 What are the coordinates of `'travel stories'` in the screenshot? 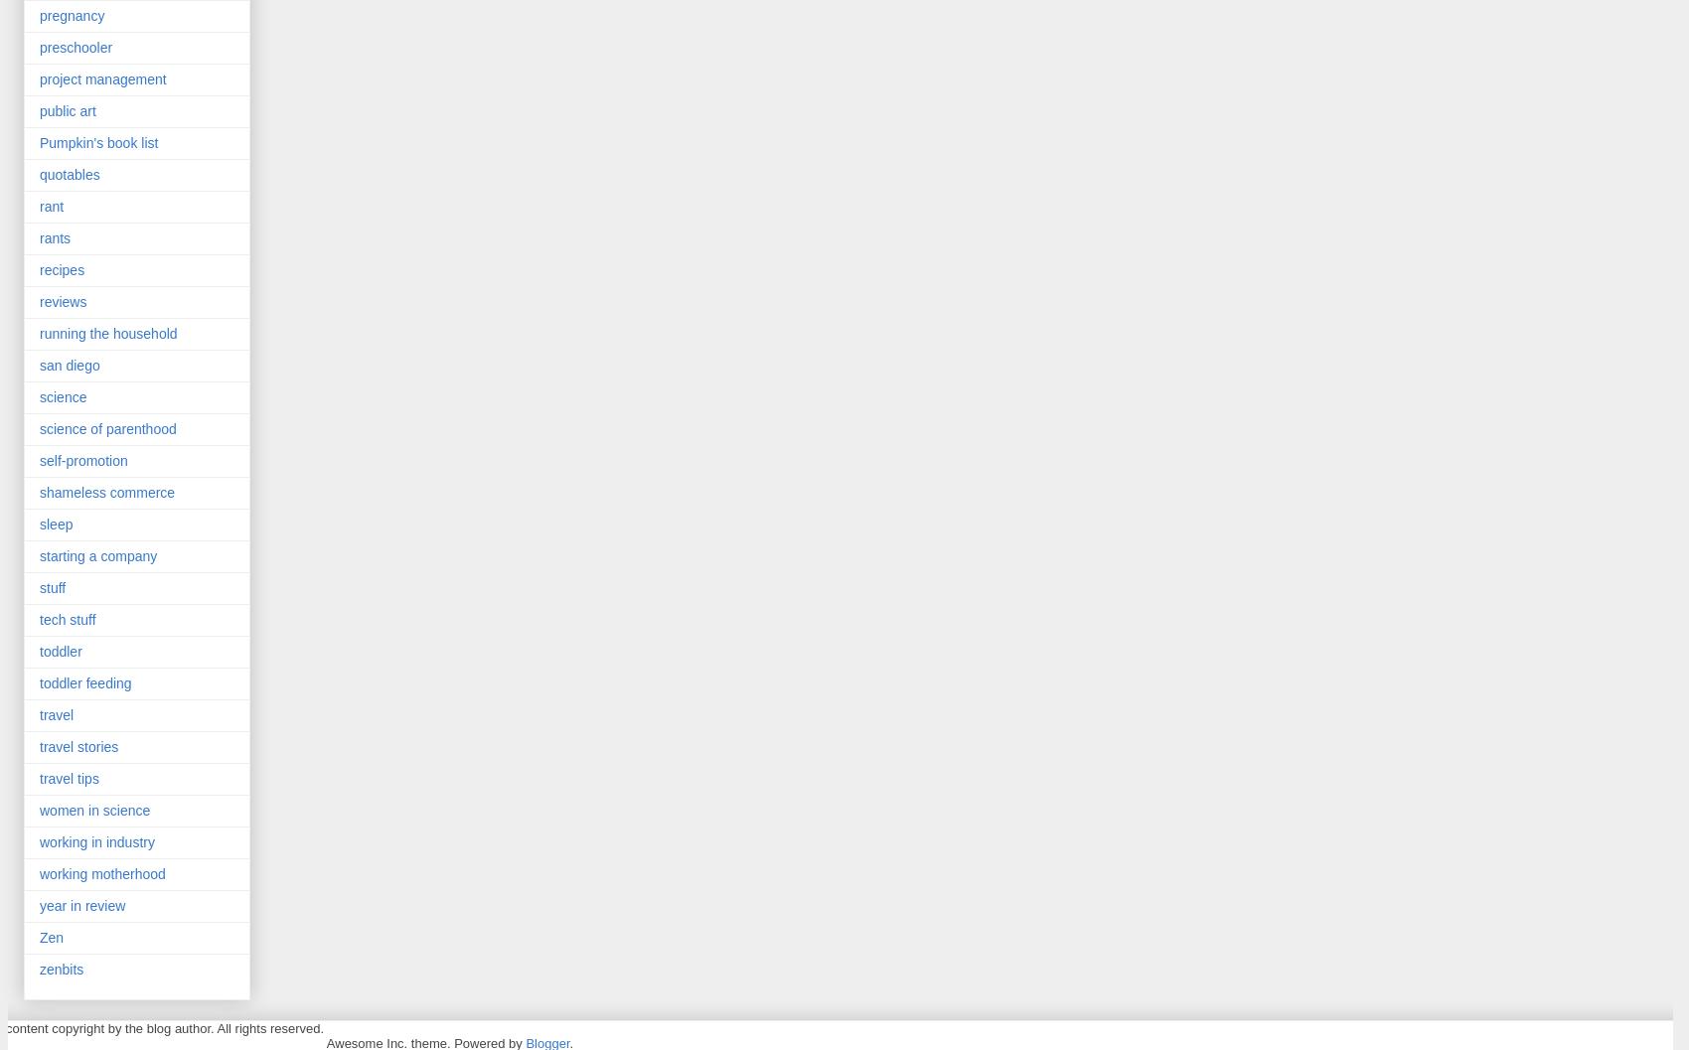 It's located at (39, 745).